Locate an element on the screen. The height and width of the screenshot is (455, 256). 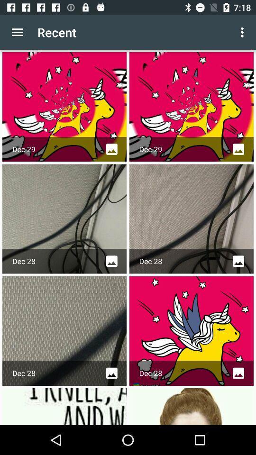
the 1st image in the 2nd row is located at coordinates (64, 219).